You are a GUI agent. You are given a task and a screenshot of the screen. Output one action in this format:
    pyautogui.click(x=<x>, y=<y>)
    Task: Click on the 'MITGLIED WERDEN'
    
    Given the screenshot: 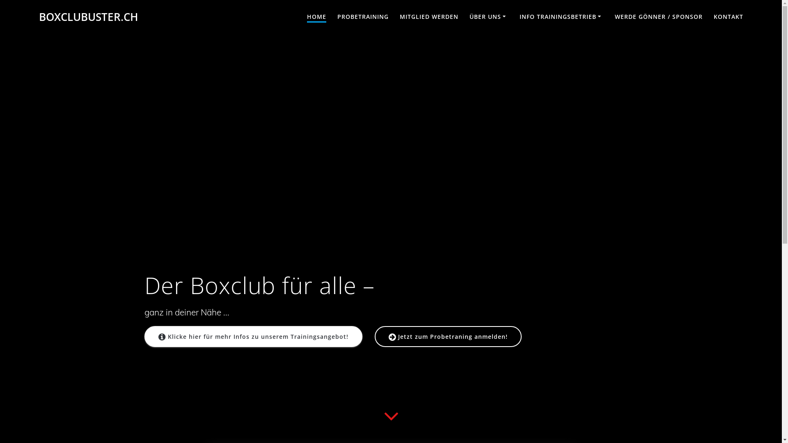 What is the action you would take?
    pyautogui.click(x=400, y=17)
    